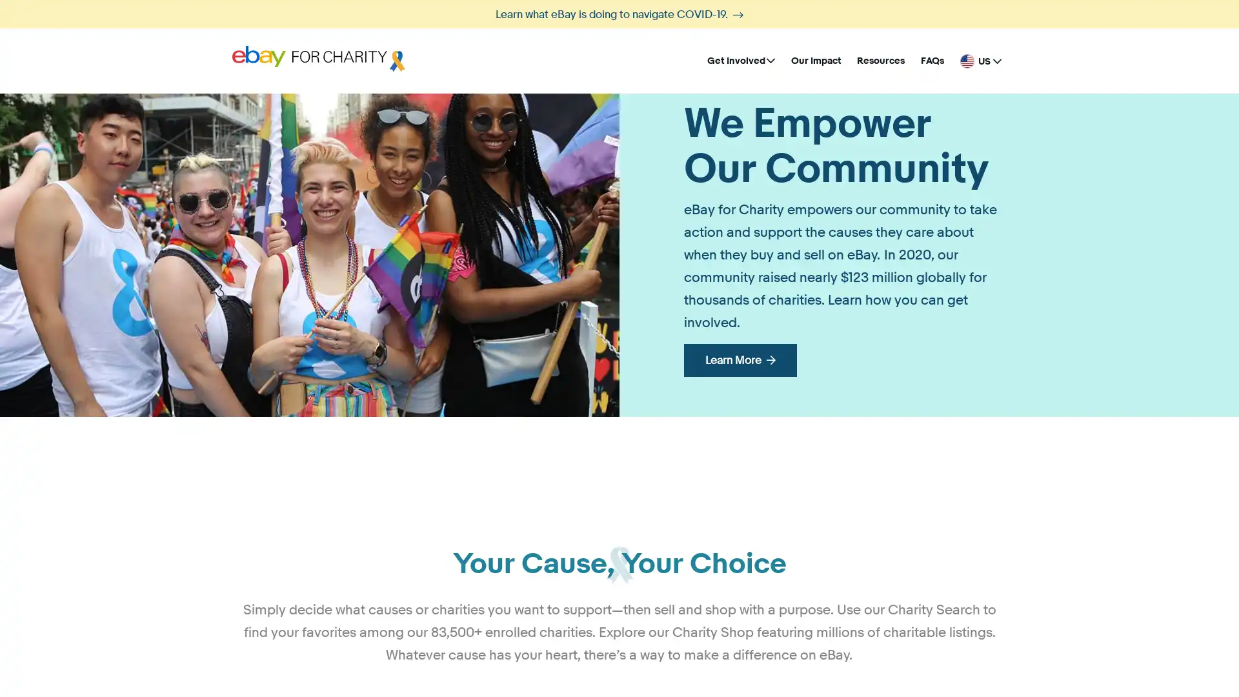 This screenshot has height=697, width=1239. I want to click on United States - English US, so click(980, 60).